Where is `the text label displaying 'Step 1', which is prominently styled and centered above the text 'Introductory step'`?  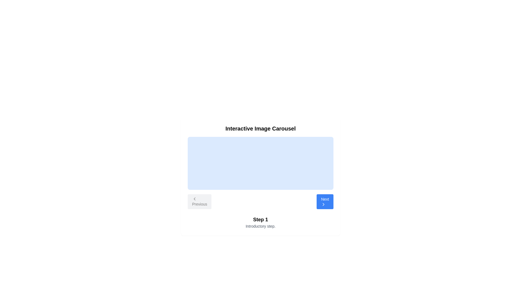
the text label displaying 'Step 1', which is prominently styled and centered above the text 'Introductory step' is located at coordinates (260, 219).